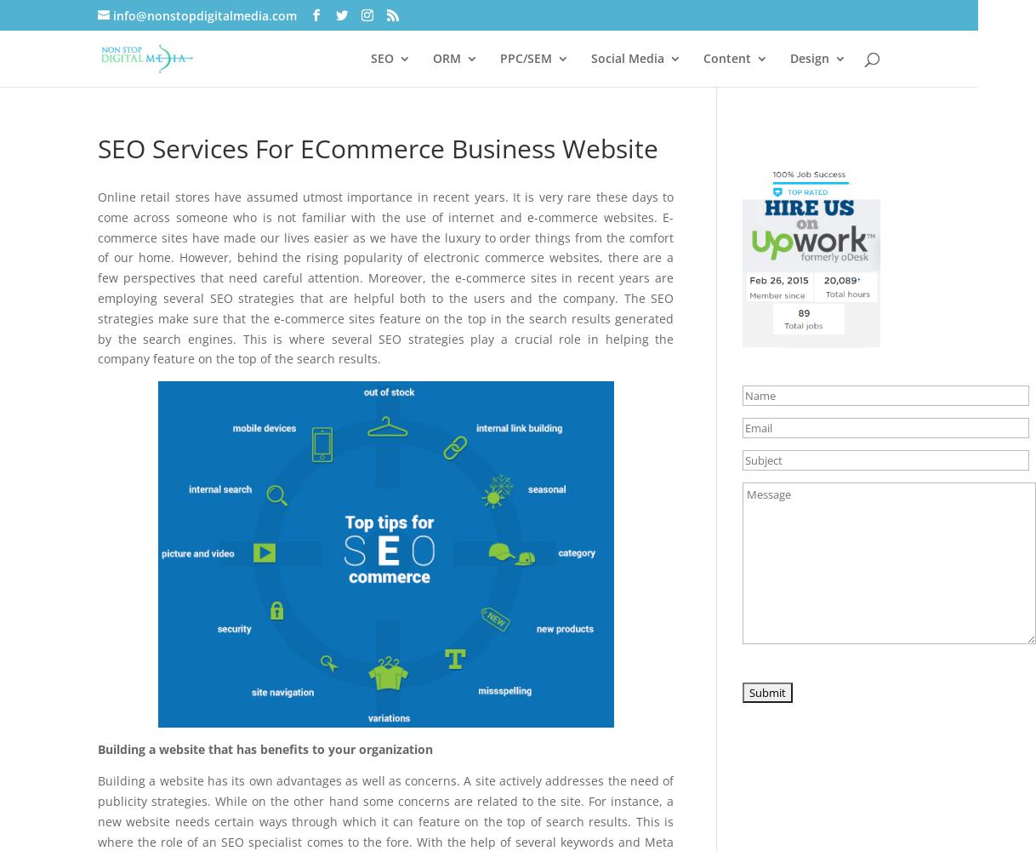 This screenshot has width=1036, height=851. What do you see at coordinates (378, 148) in the screenshot?
I see `'SEO Services For ECommerce Business Website'` at bounding box center [378, 148].